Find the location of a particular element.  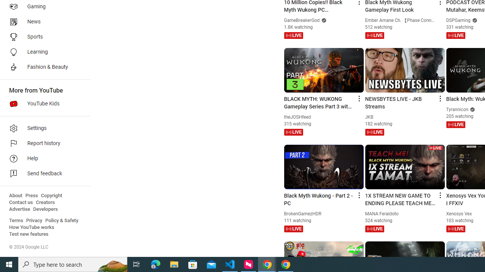

'How YouTube works' is located at coordinates (31, 227).